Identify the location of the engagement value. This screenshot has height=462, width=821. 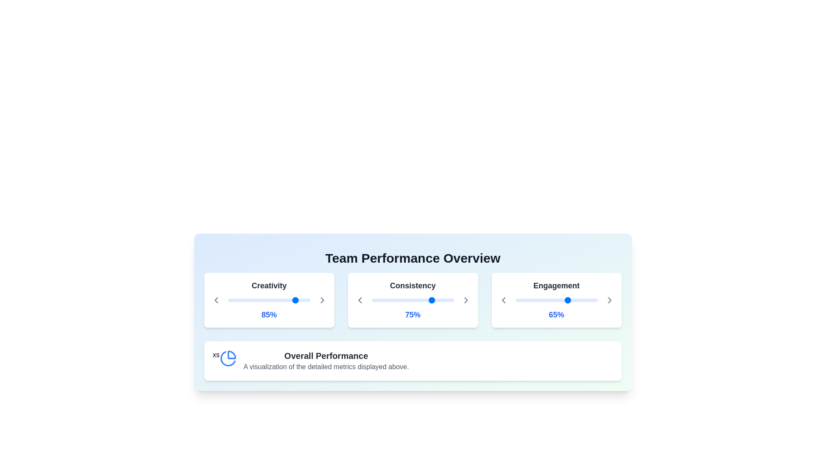
(541, 300).